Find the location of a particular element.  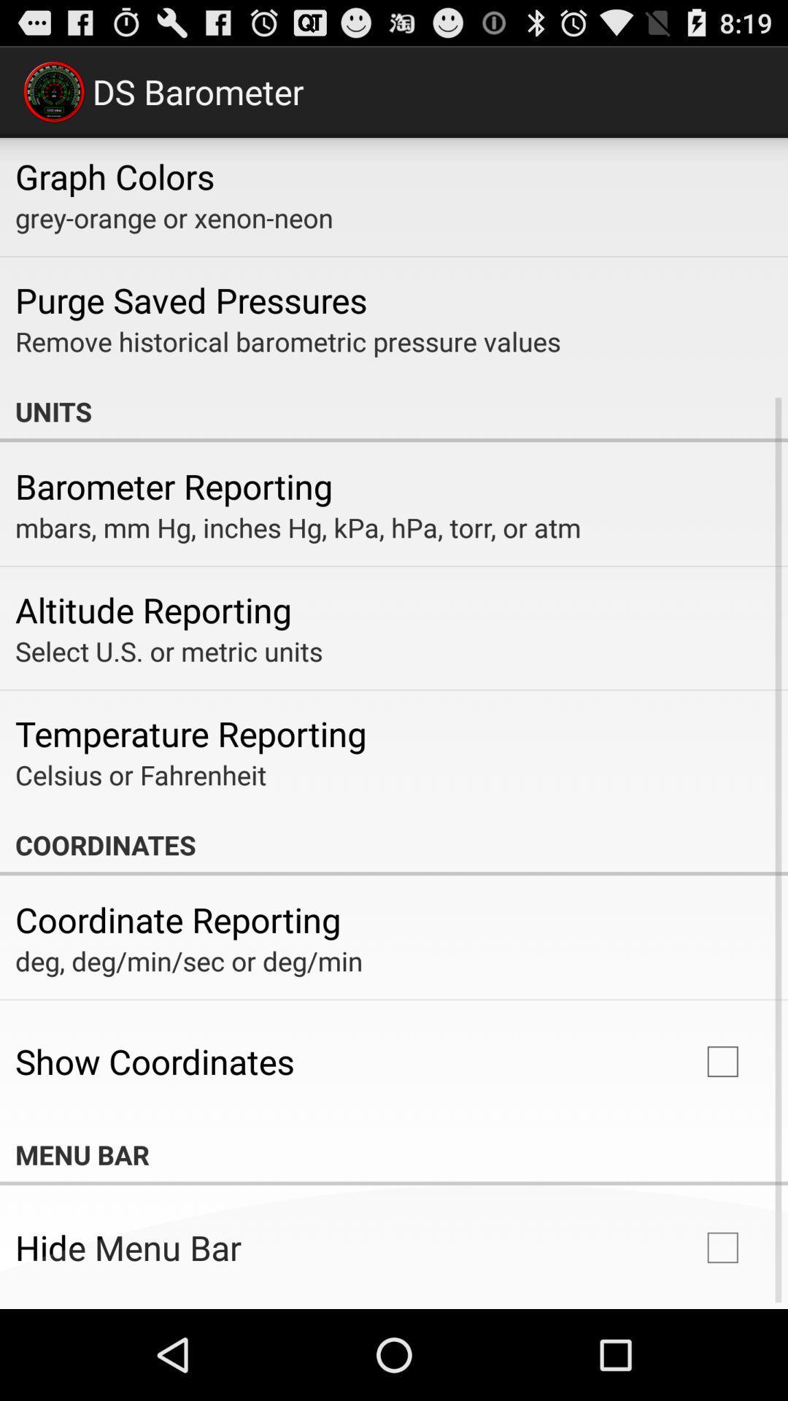

coordinate reporting is located at coordinates (177, 919).